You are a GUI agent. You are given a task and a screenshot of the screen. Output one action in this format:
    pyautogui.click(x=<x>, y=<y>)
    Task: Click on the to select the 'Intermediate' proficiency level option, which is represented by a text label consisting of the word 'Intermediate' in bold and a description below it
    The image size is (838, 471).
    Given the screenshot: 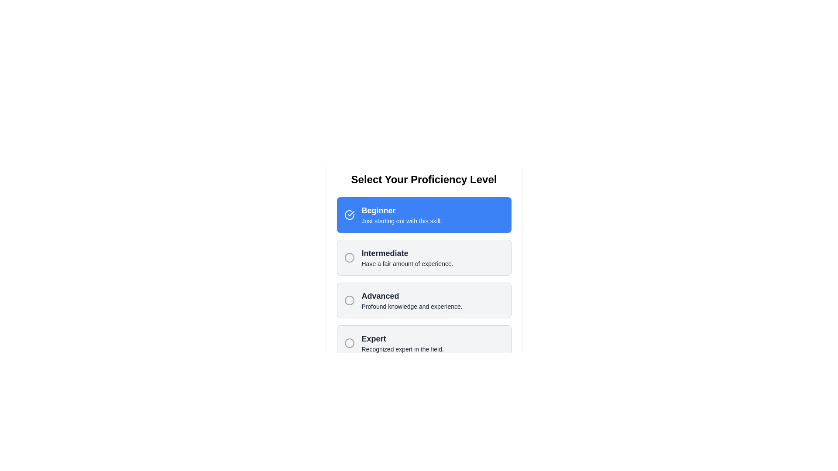 What is the action you would take?
    pyautogui.click(x=407, y=257)
    